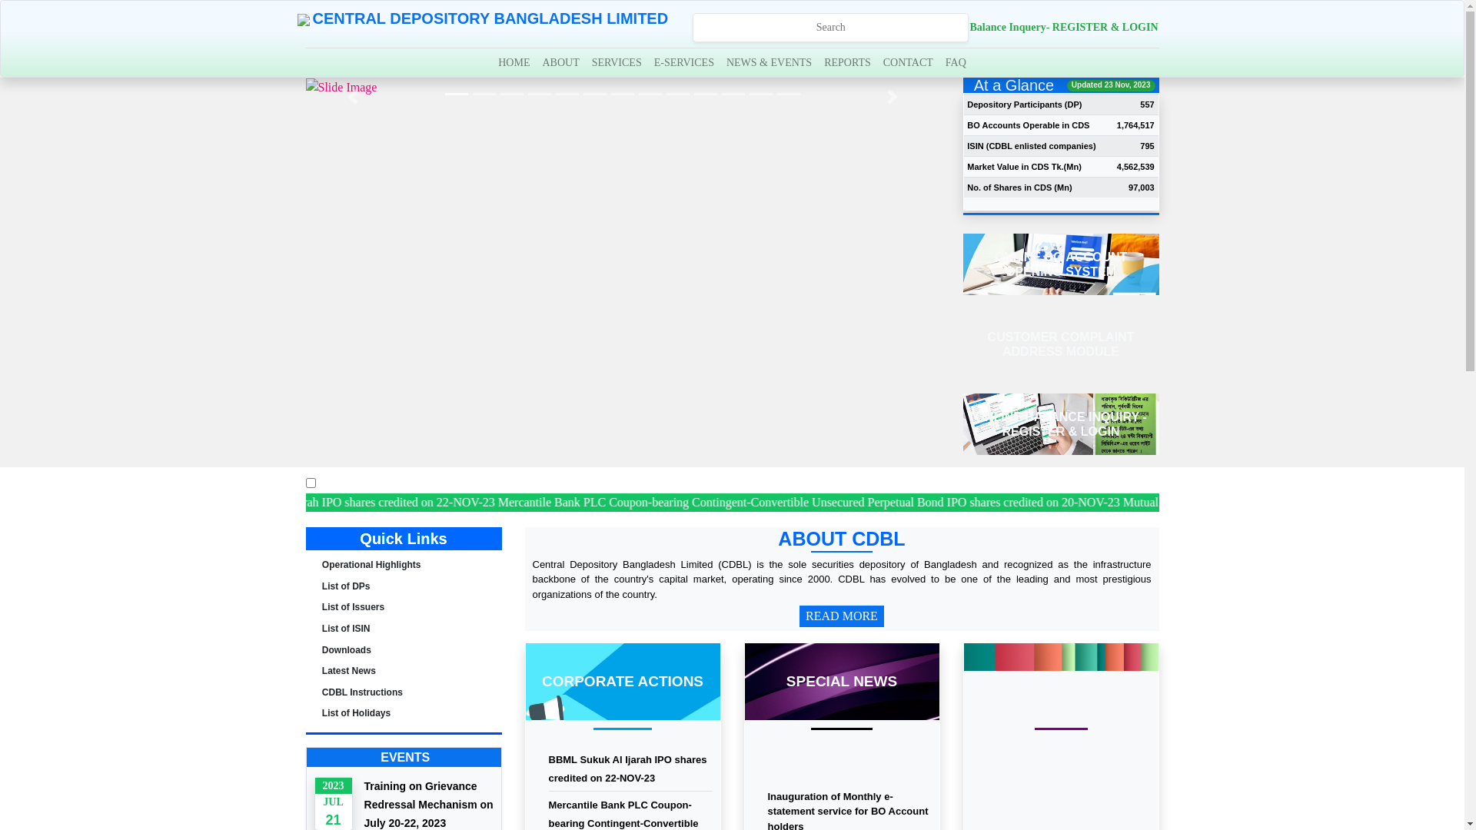 This screenshot has width=1476, height=830. I want to click on 'BBML Sukuk Al Ijarah IPO shares credited on 22-NOV-23', so click(627, 769).